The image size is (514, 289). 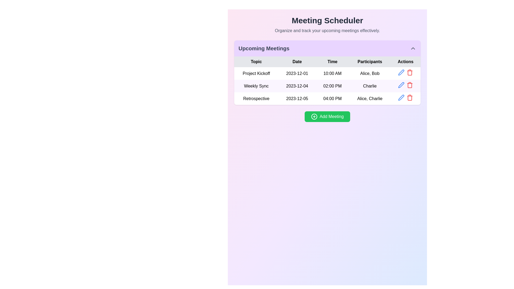 What do you see at coordinates (410, 85) in the screenshot?
I see `the delete button for the 'Weekly Sync' meeting entry` at bounding box center [410, 85].